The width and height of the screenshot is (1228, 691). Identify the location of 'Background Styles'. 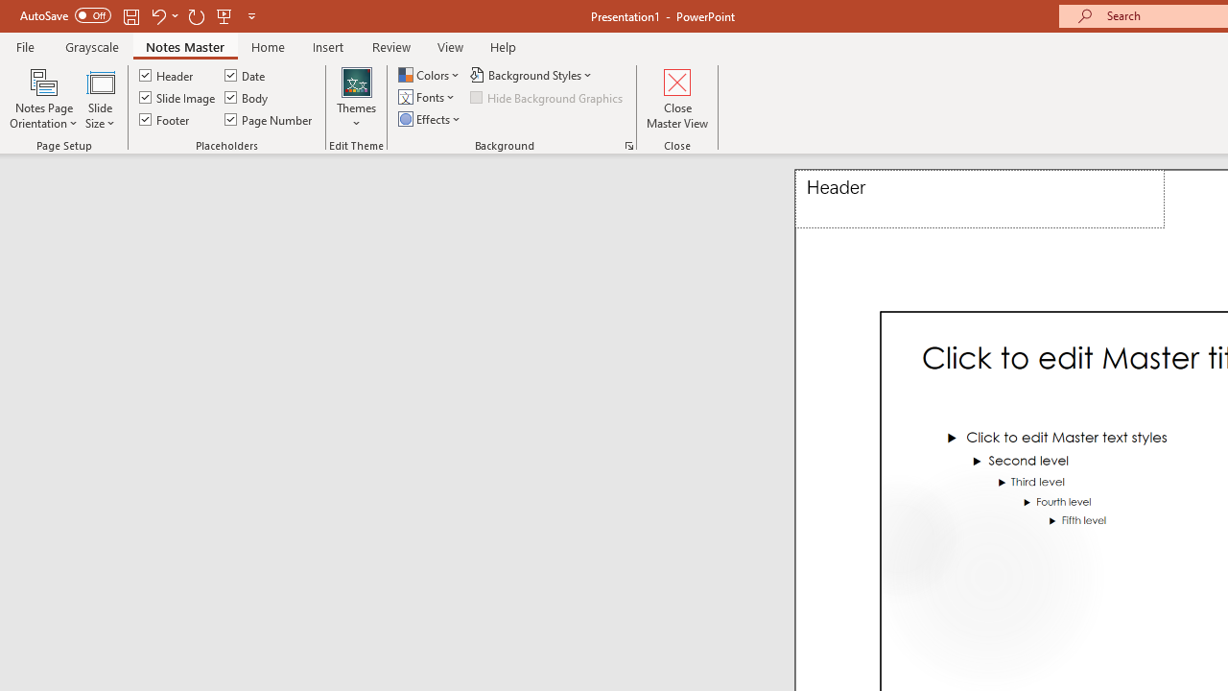
(532, 74).